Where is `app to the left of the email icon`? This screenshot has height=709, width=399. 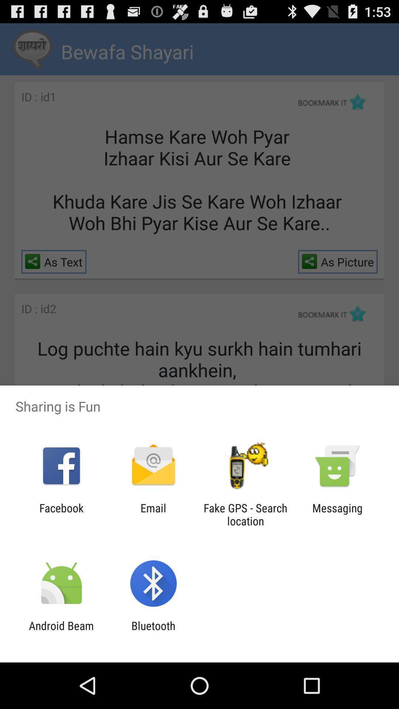
app to the left of the email icon is located at coordinates (61, 514).